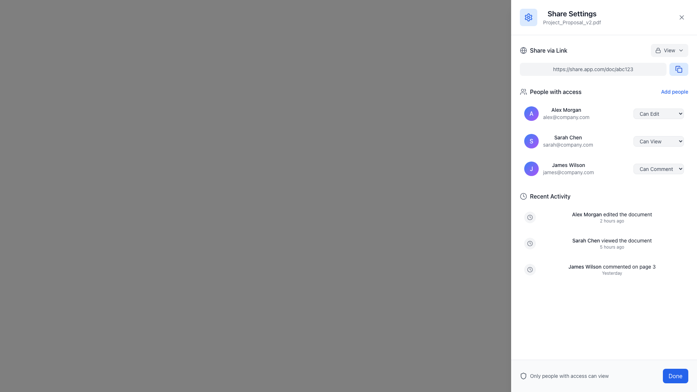 Image resolution: width=697 pixels, height=392 pixels. What do you see at coordinates (571, 17) in the screenshot?
I see `the text label consisting of 'Share Settings' and 'Project_Proposal_v2.pdf', which is located in the header section of the sharing settings panel` at bounding box center [571, 17].